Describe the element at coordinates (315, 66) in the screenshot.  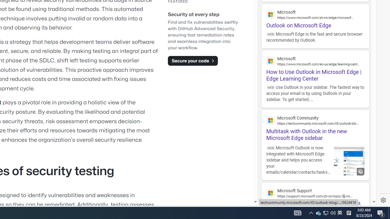
I see `'How to Use Outlook in Microsoft Edge | Edge Learning Center'` at that location.